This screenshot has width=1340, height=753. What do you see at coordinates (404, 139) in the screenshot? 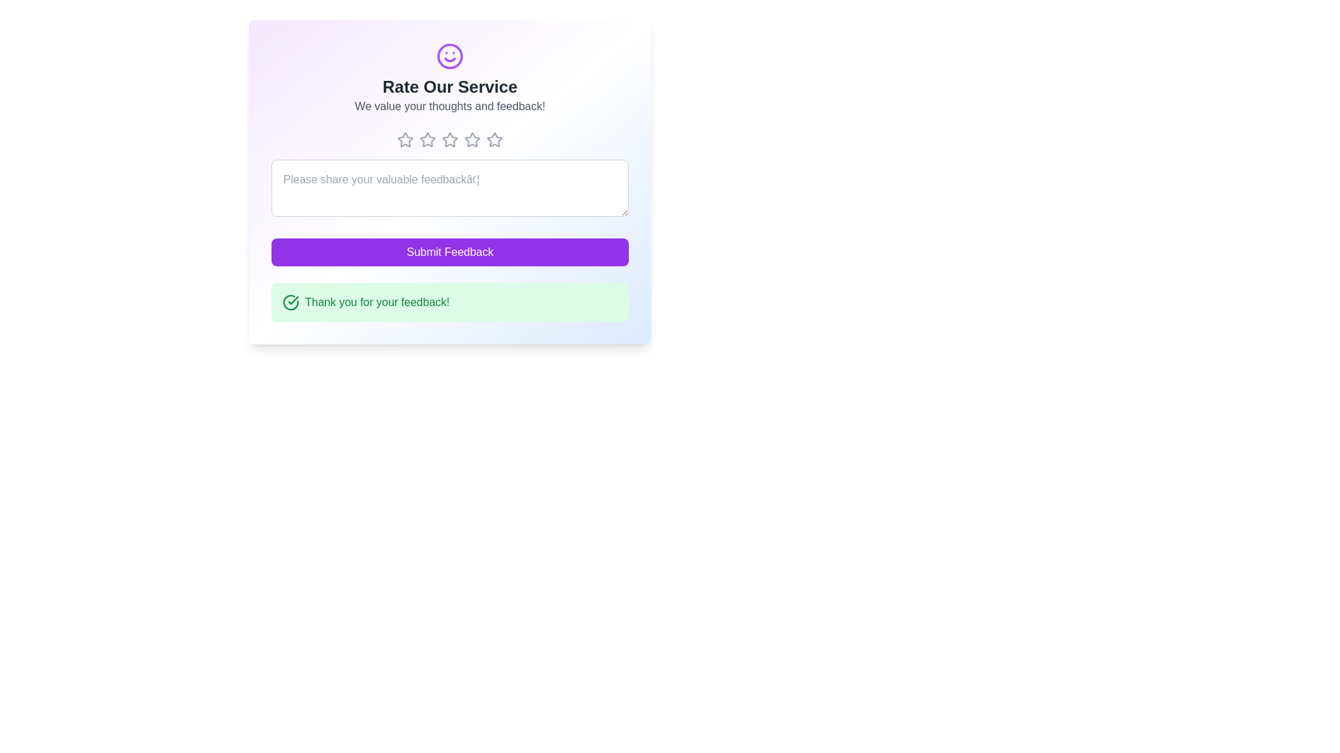
I see `the first star-shaped rating icon, which has a hollow gray outline, to rate the service` at bounding box center [404, 139].